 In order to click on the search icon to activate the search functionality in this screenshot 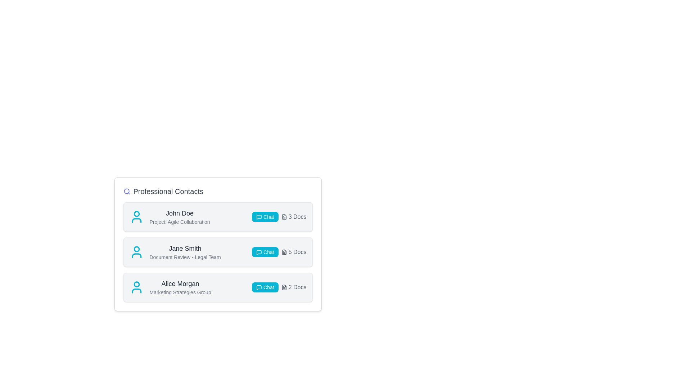, I will do `click(127, 191)`.